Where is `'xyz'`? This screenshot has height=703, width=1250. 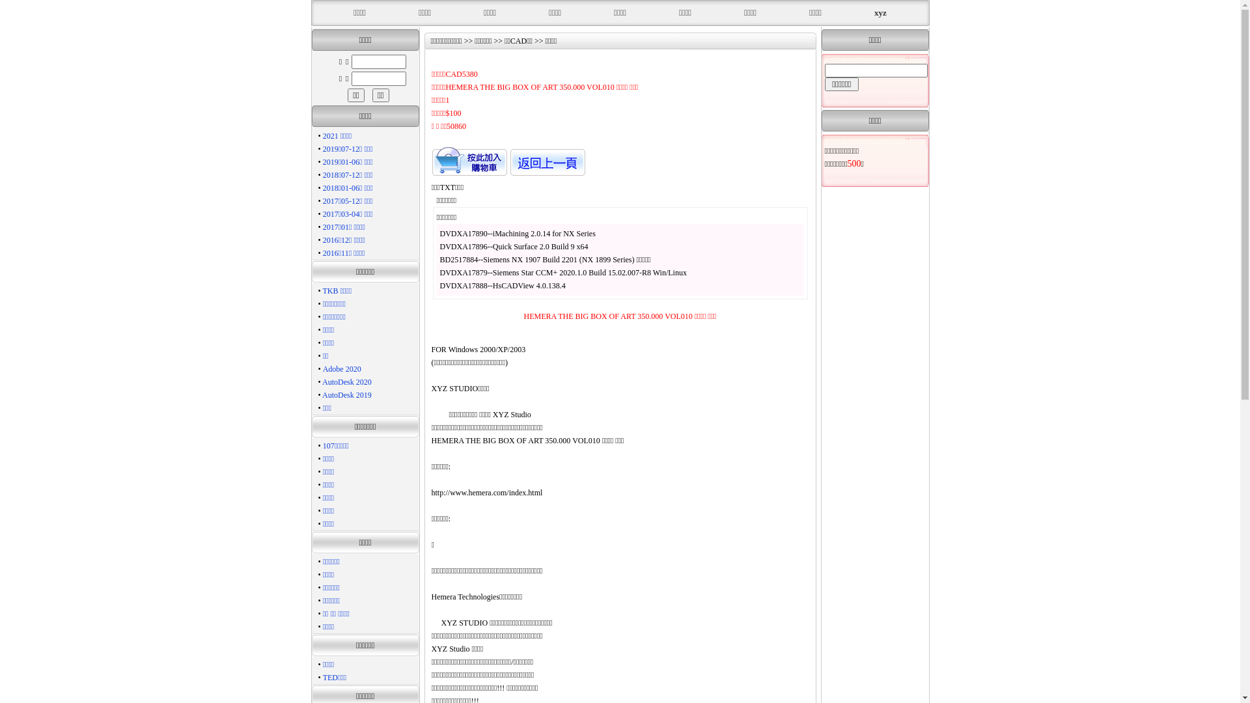 'xyz' is located at coordinates (874, 12).